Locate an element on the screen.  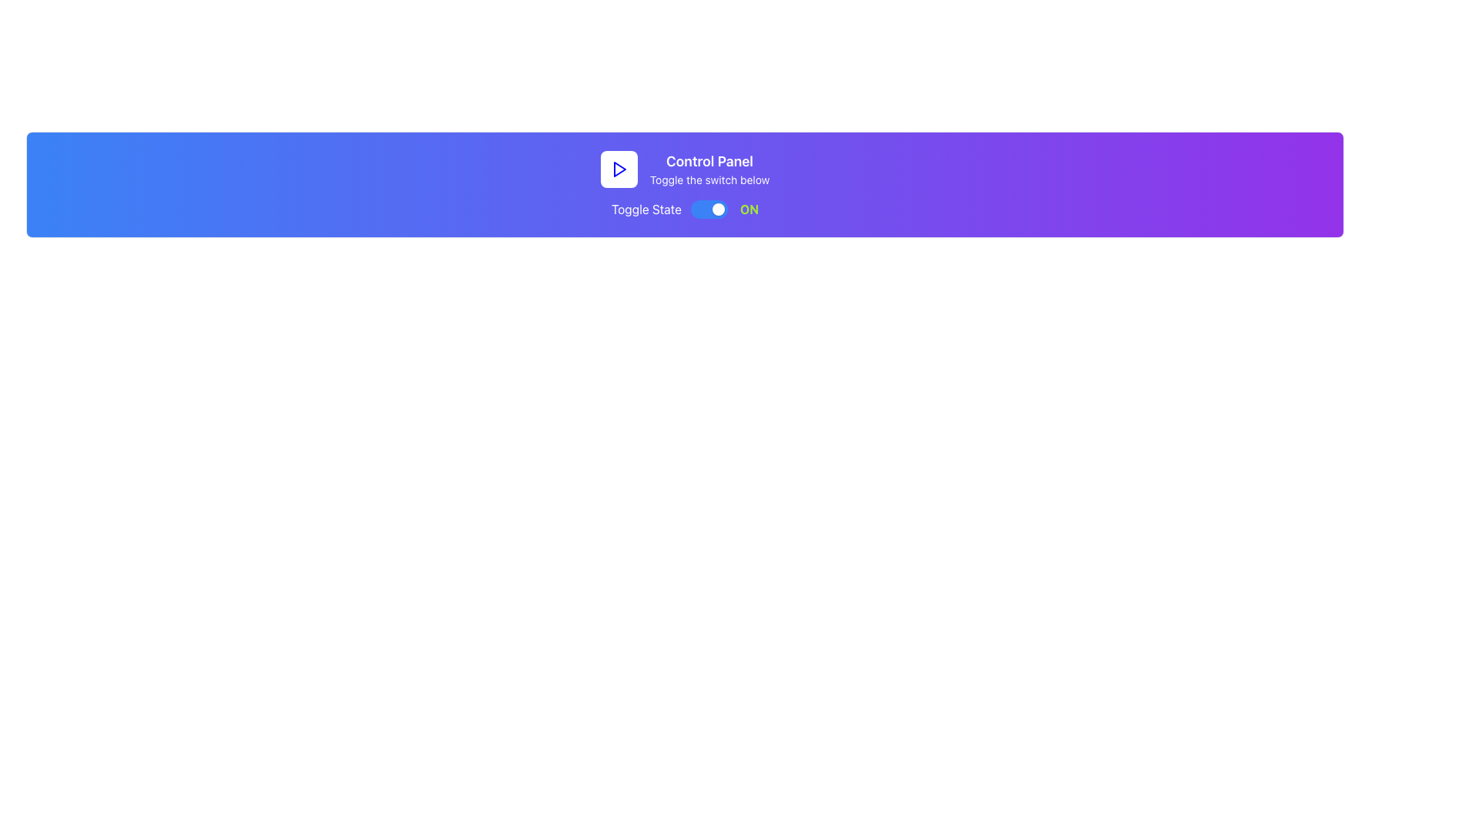
header text element that serves as a title, positioned near the center of the header section, above the label 'Toggle the switch below.' is located at coordinates (709, 161).